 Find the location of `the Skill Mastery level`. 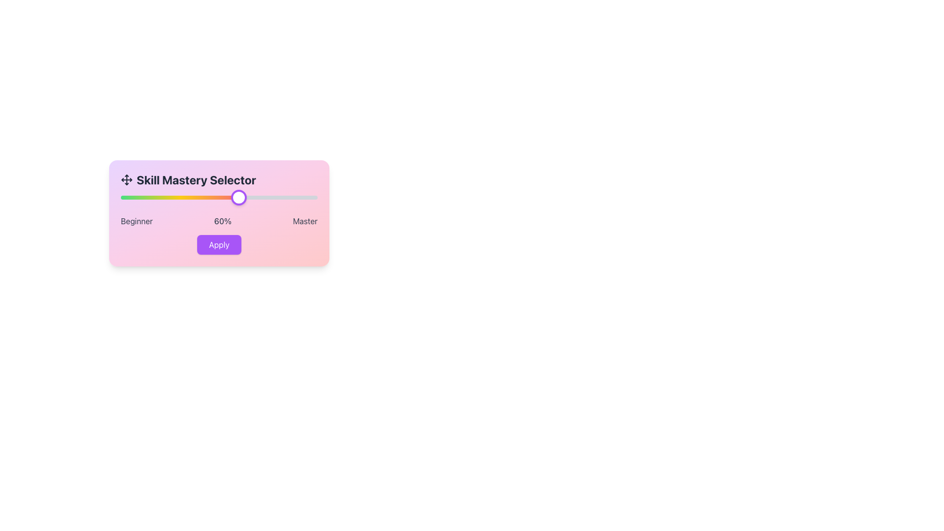

the Skill Mastery level is located at coordinates (240, 197).